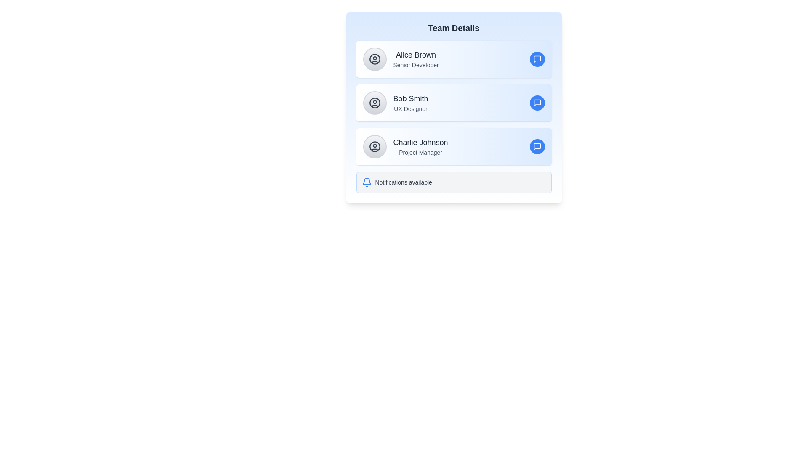 This screenshot has height=454, width=808. I want to click on the user avatar icon representing 'Bob Smith' in the team members section by moving the cursor to its center point, so click(374, 103).